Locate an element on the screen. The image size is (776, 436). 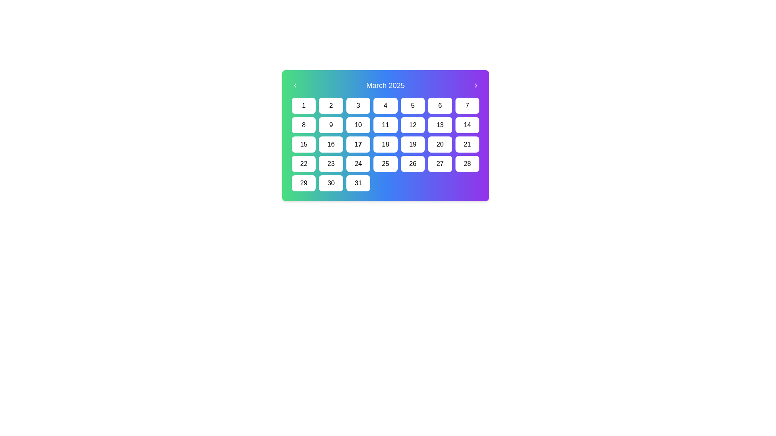
the text label representing the day of the month in the calendar interface, located in the third row and fifth column of the grid, adjacent to the number '17' is located at coordinates (385, 144).